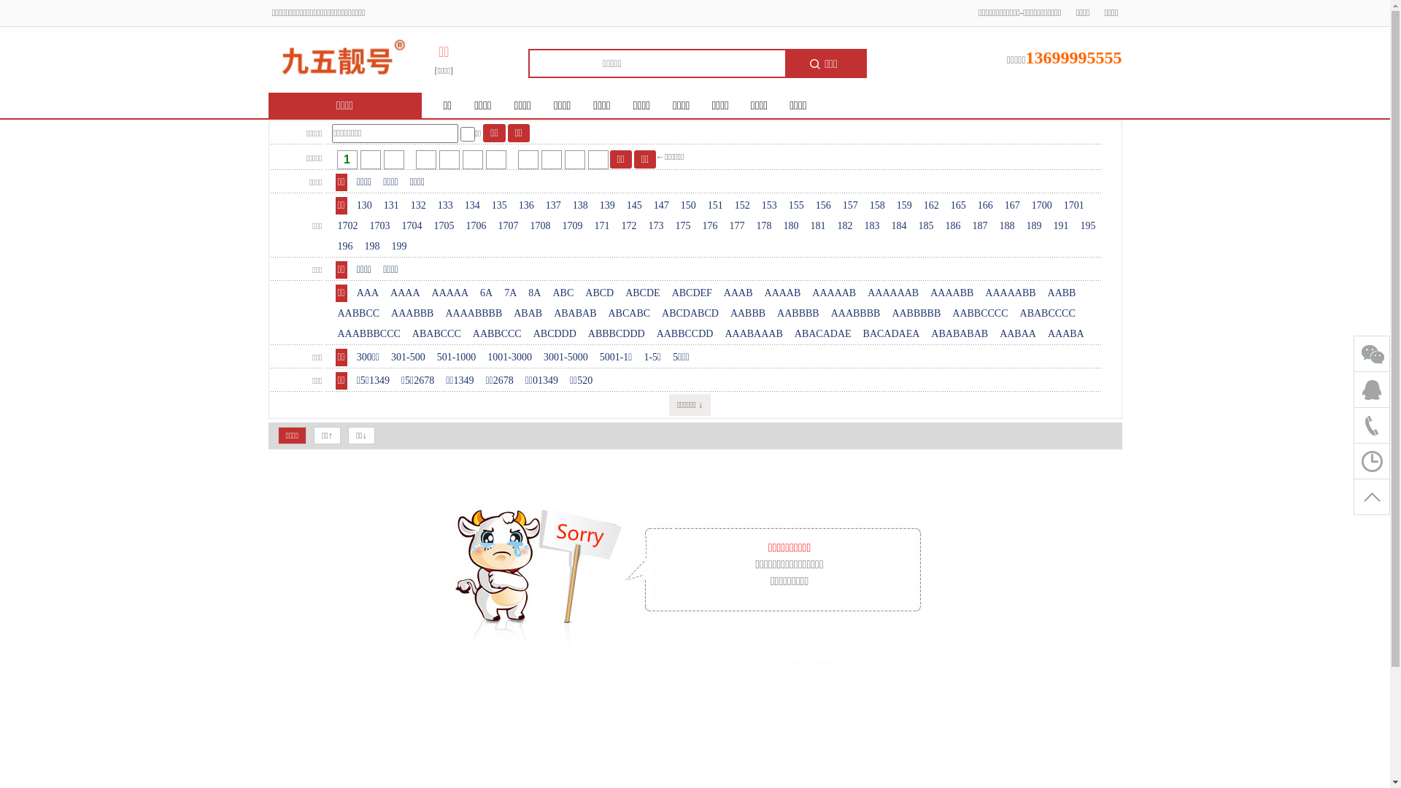  What do you see at coordinates (891, 334) in the screenshot?
I see `'BACADAEA'` at bounding box center [891, 334].